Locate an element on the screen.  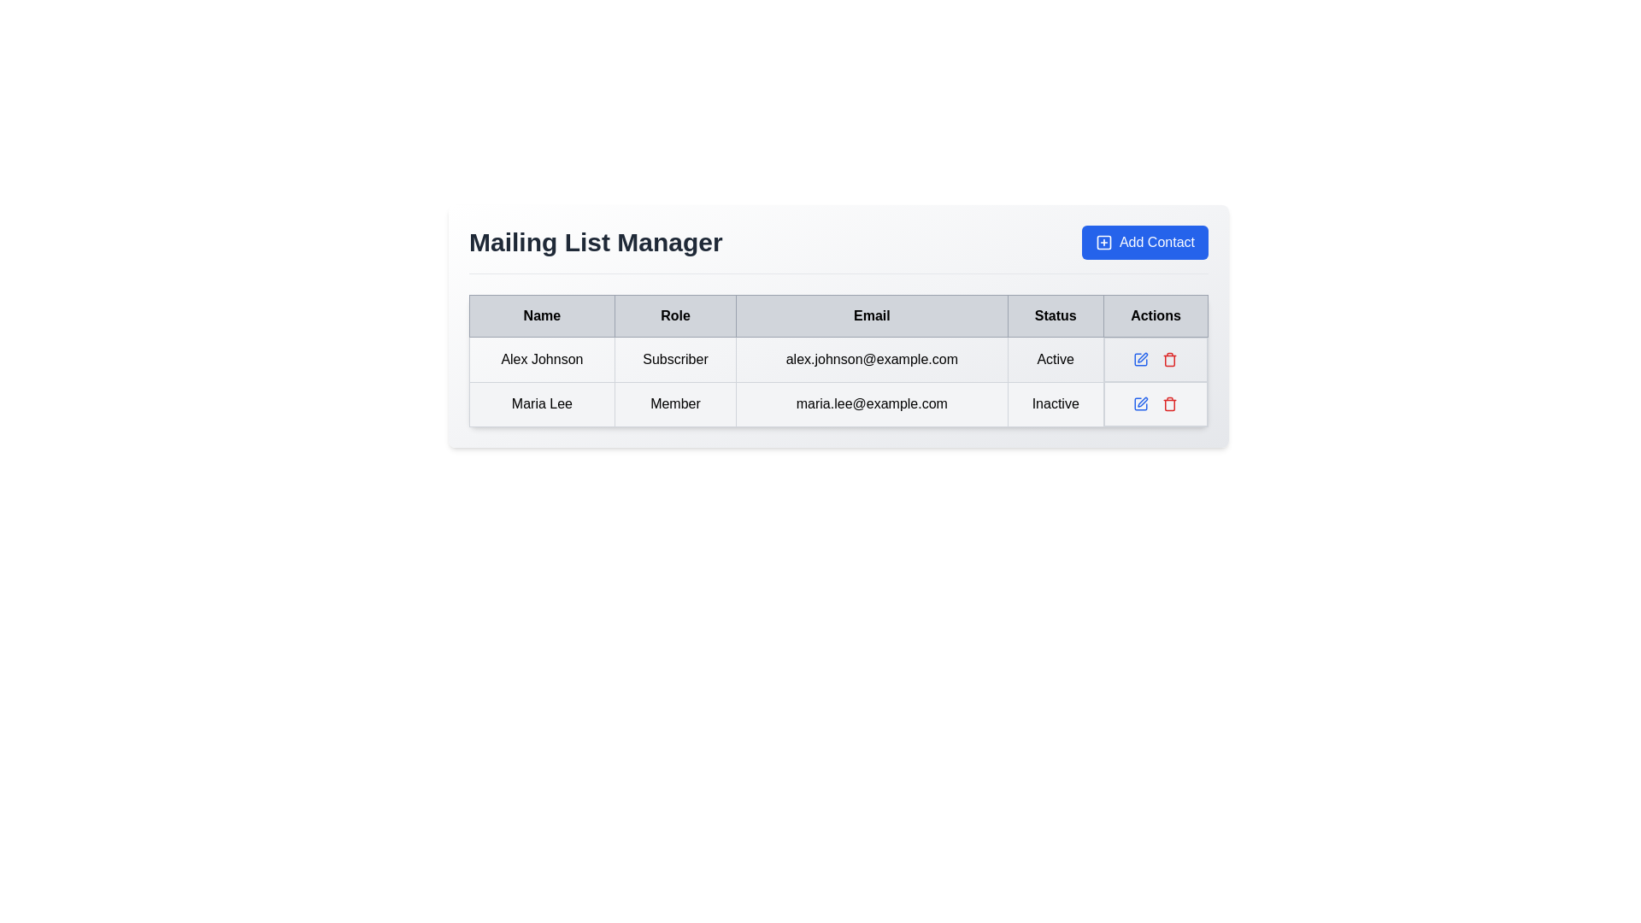
the 'Role' column header in the table, which is located between the 'Name' and 'Email' headers is located at coordinates (674, 316).